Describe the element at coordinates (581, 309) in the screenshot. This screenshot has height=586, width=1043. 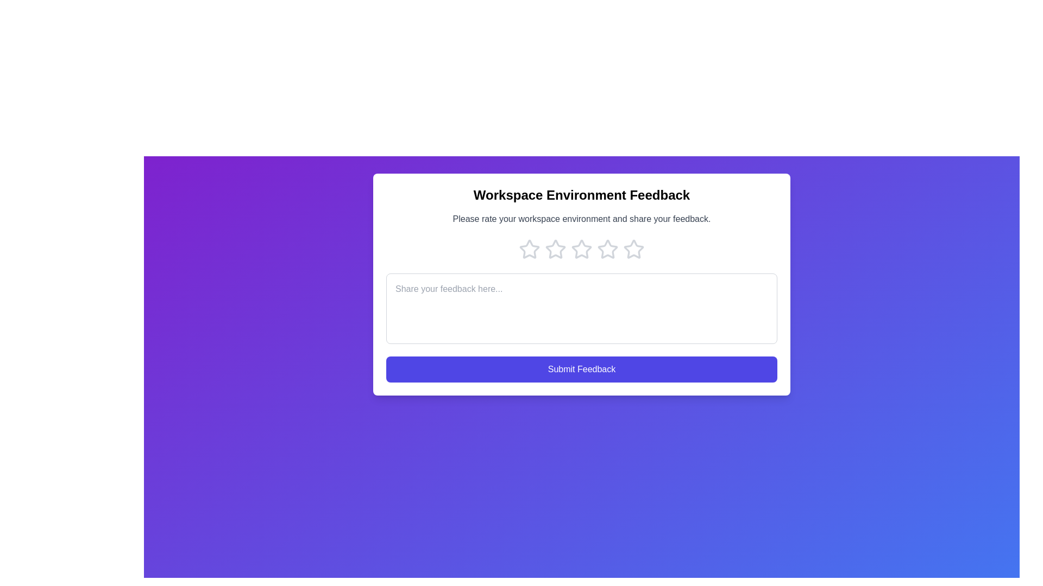
I see `the text area and type the feedback text` at that location.